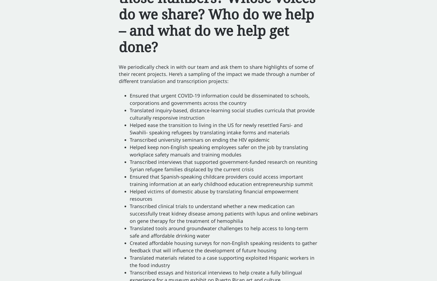  What do you see at coordinates (223, 217) in the screenshot?
I see `'online webinars on gene therapy for the treatment of hemophilia'` at bounding box center [223, 217].